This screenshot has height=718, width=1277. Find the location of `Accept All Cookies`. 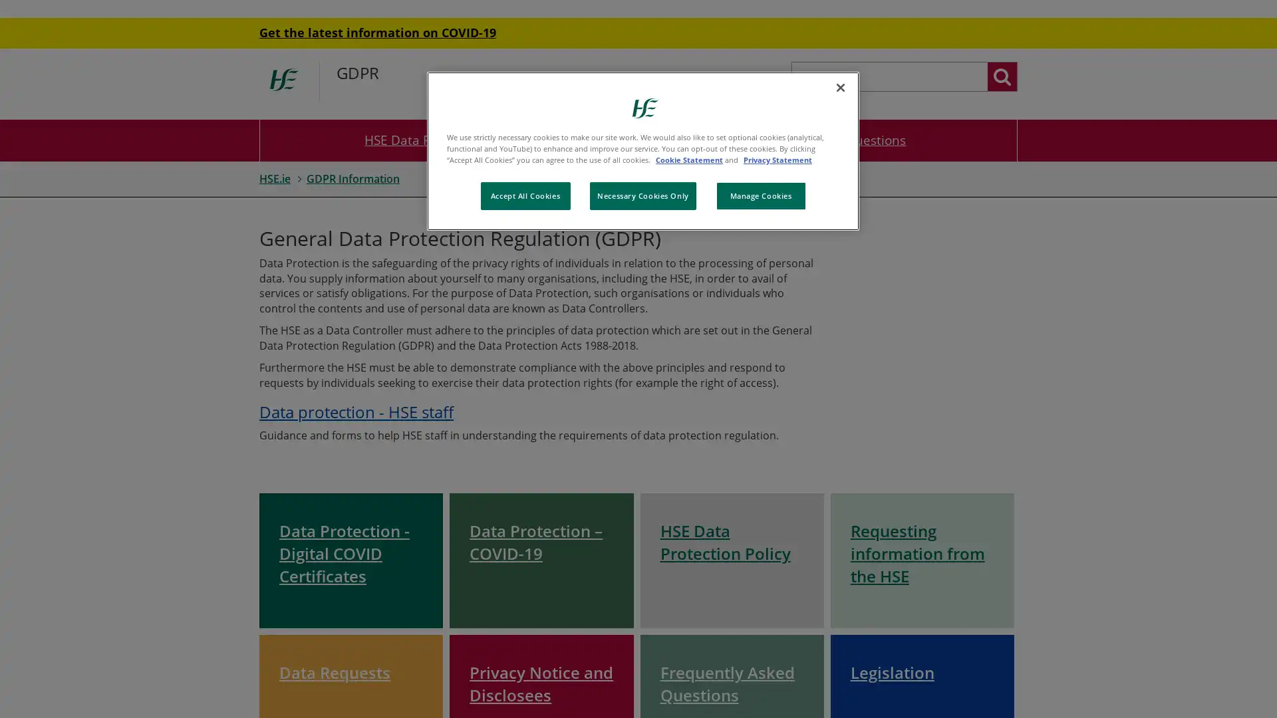

Accept All Cookies is located at coordinates (524, 195).